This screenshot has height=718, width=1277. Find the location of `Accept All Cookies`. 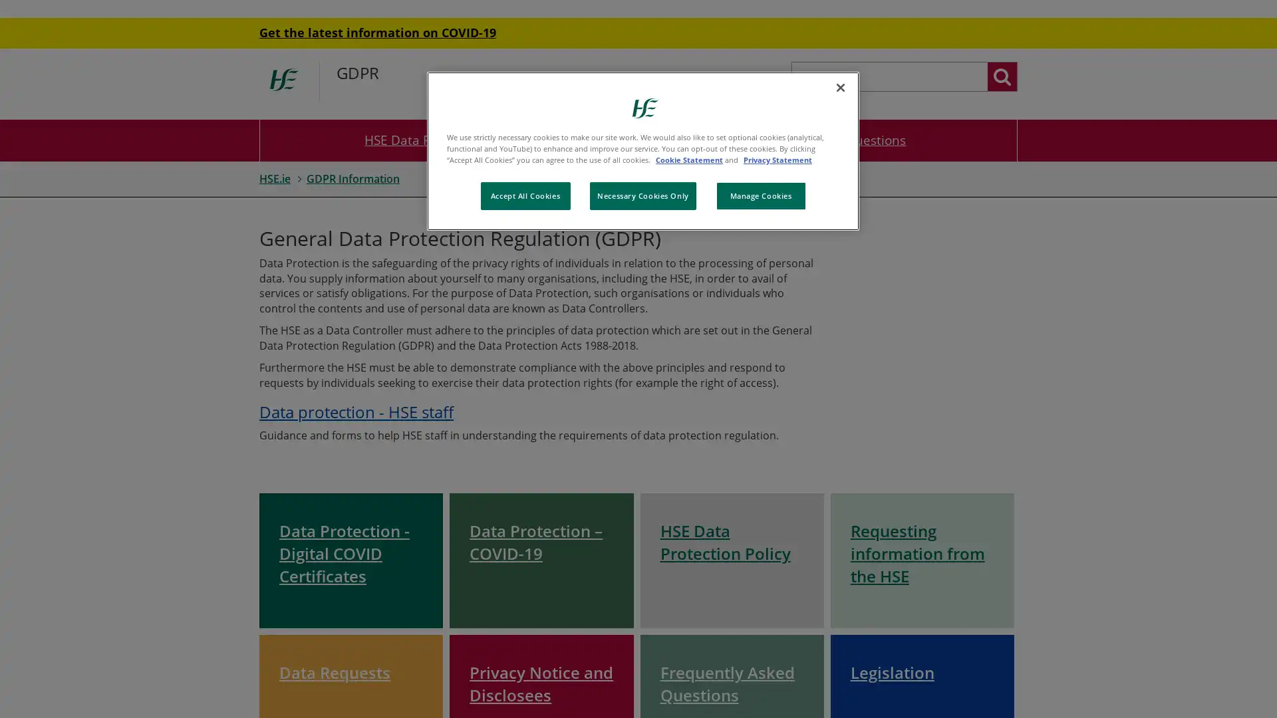

Accept All Cookies is located at coordinates (524, 195).